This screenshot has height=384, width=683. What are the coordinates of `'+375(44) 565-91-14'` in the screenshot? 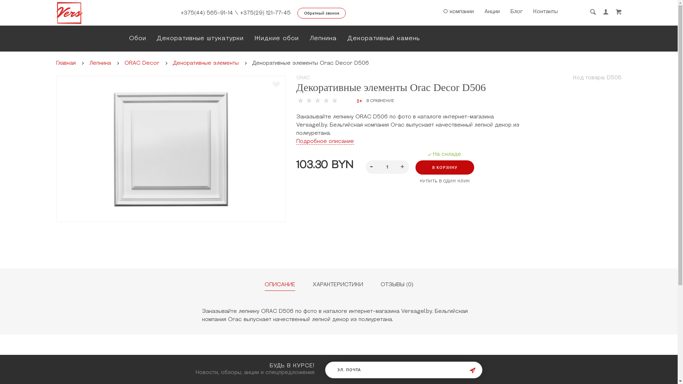 It's located at (181, 13).